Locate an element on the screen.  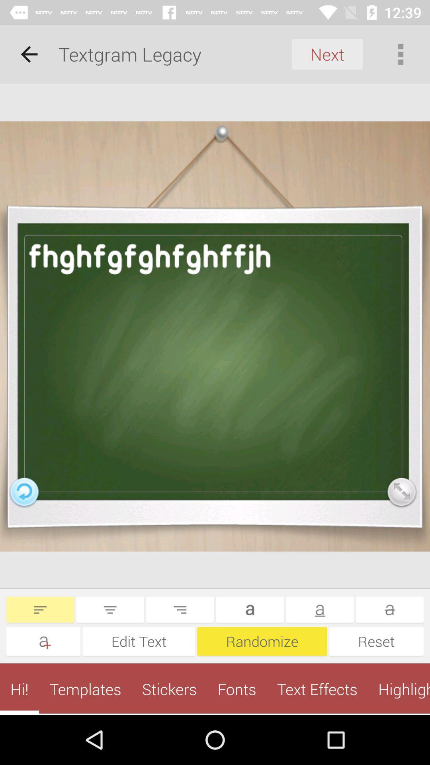
the stickers item is located at coordinates (169, 688).